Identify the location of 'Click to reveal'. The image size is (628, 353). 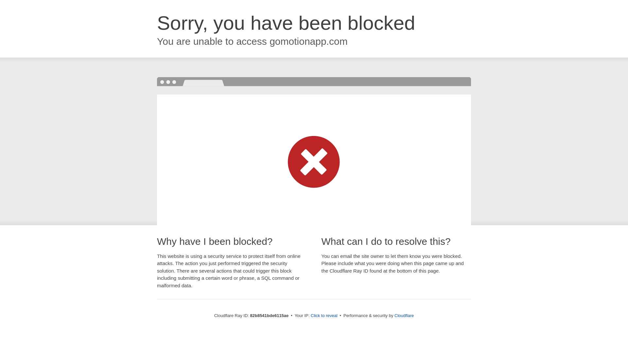
(324, 315).